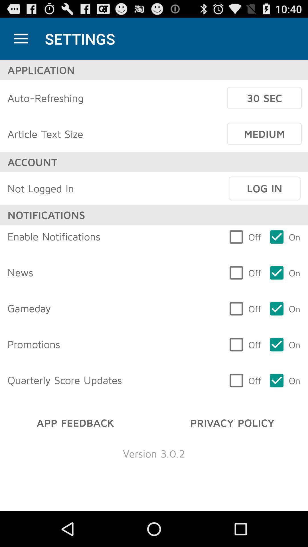 The width and height of the screenshot is (308, 547). I want to click on the item to the left of settings app, so click(21, 38).